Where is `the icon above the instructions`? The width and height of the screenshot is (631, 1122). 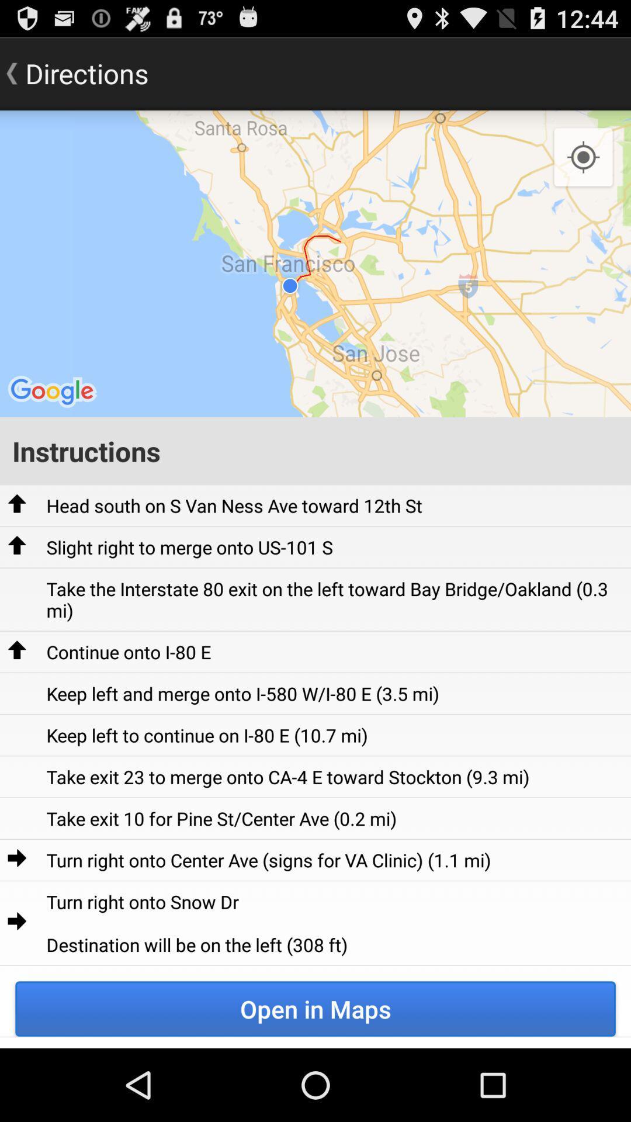
the icon above the instructions is located at coordinates (315, 263).